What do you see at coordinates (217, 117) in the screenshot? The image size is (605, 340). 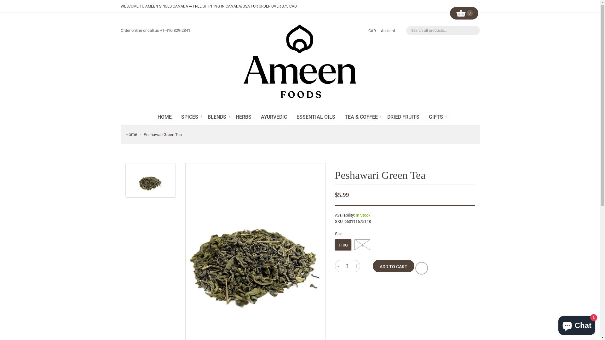 I see `'BLENDS'` at bounding box center [217, 117].